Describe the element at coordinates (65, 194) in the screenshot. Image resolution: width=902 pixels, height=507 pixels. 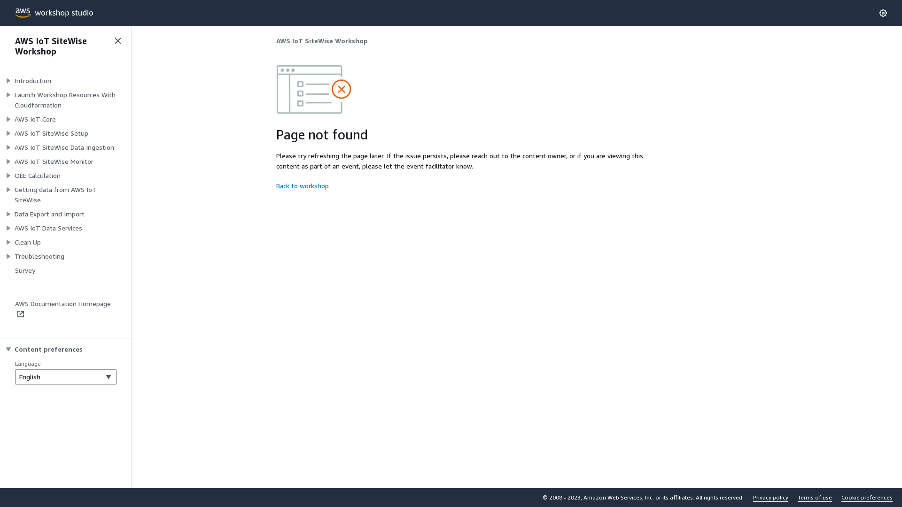
I see `'Getting data from AWS IoT SiteWise'` at that location.